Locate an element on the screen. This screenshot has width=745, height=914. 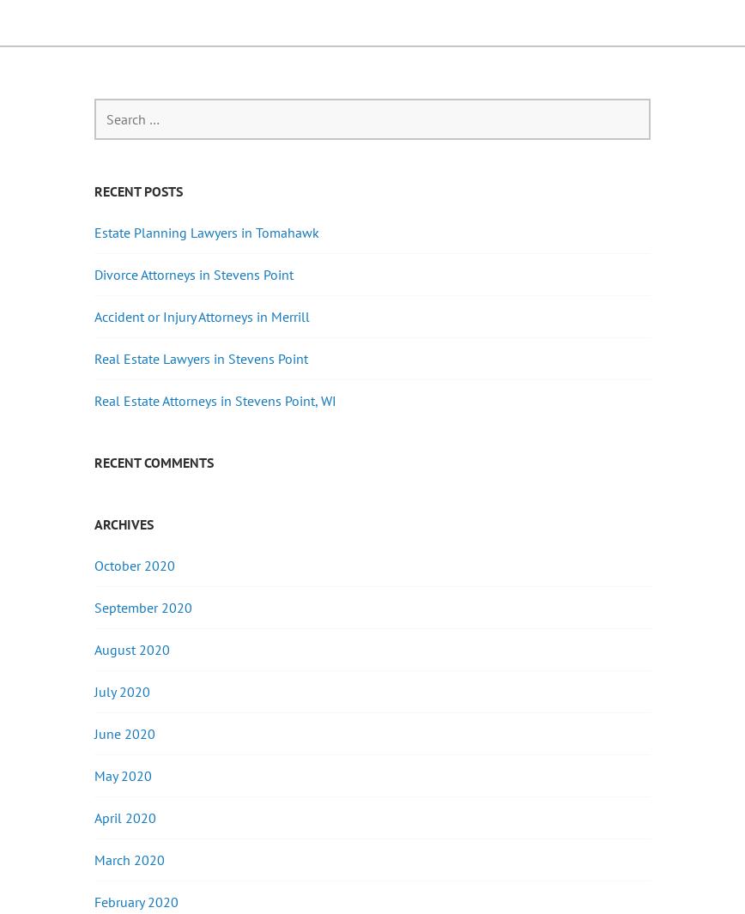
'April 2020' is located at coordinates (94, 817).